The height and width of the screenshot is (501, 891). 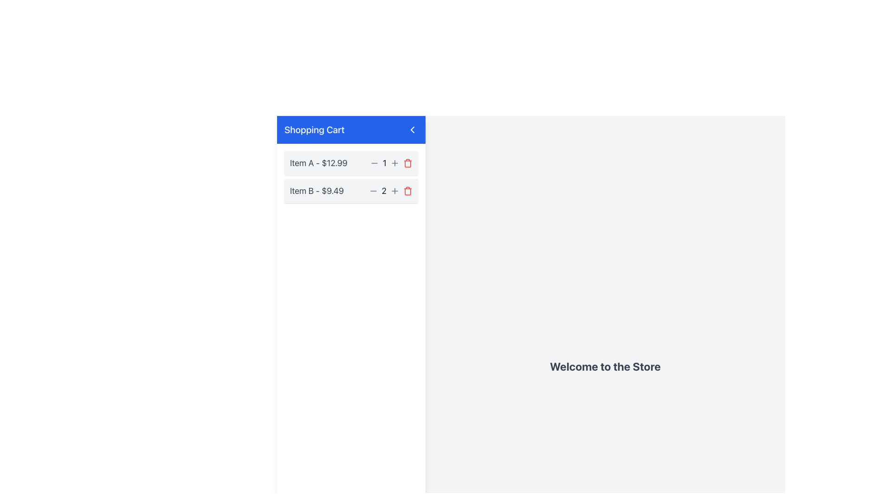 What do you see at coordinates (412, 130) in the screenshot?
I see `the back button located in the top-right corner of the 'Shopping Cart' header section` at bounding box center [412, 130].